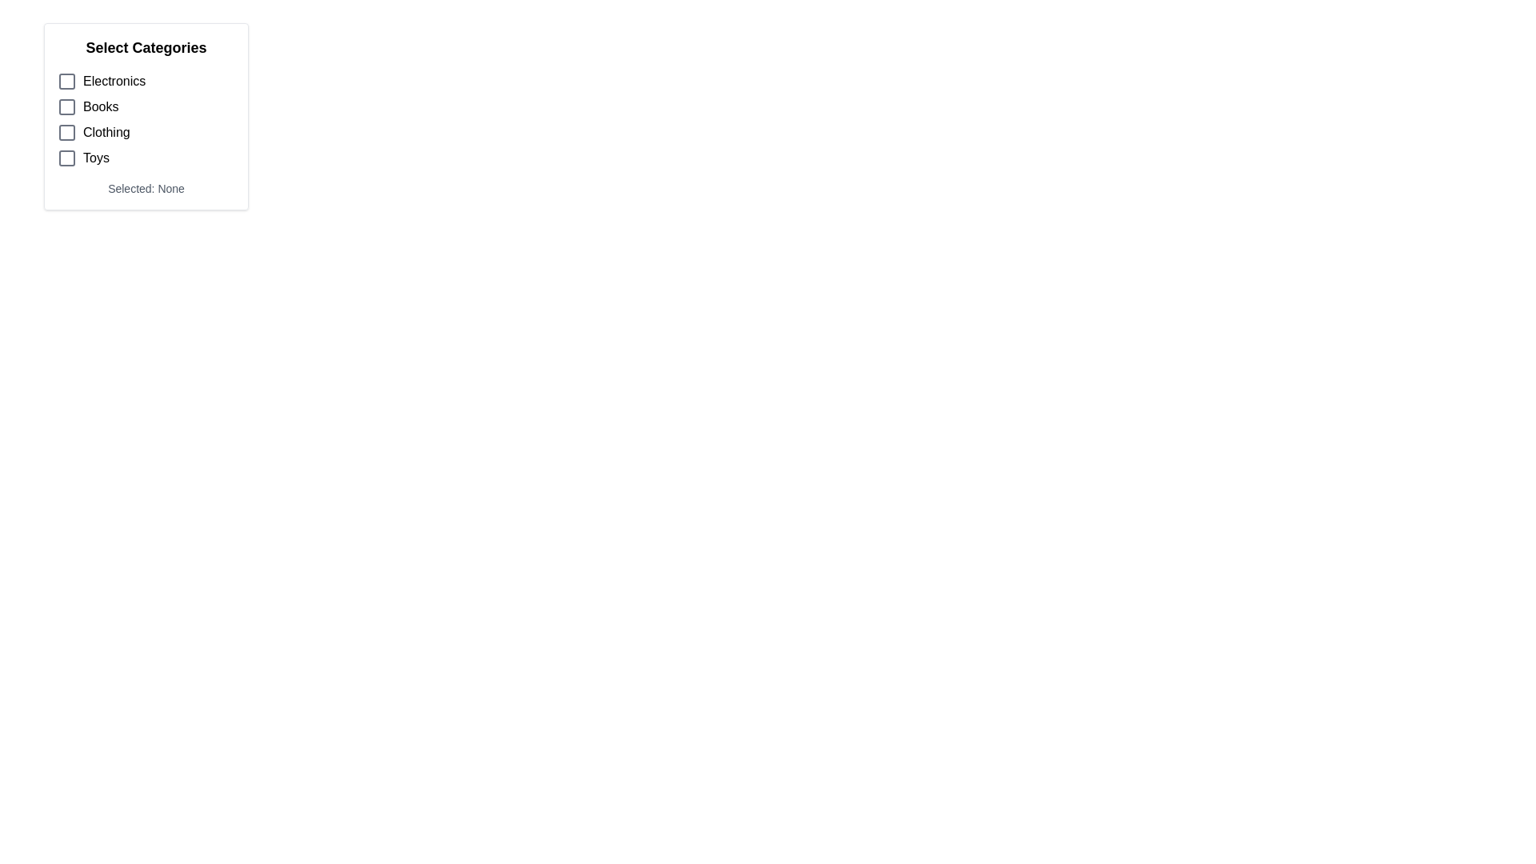 This screenshot has height=864, width=1536. I want to click on the Text Display element that shows 'Selected: None', which is located at the bottom of the category selection interface, so click(146, 187).